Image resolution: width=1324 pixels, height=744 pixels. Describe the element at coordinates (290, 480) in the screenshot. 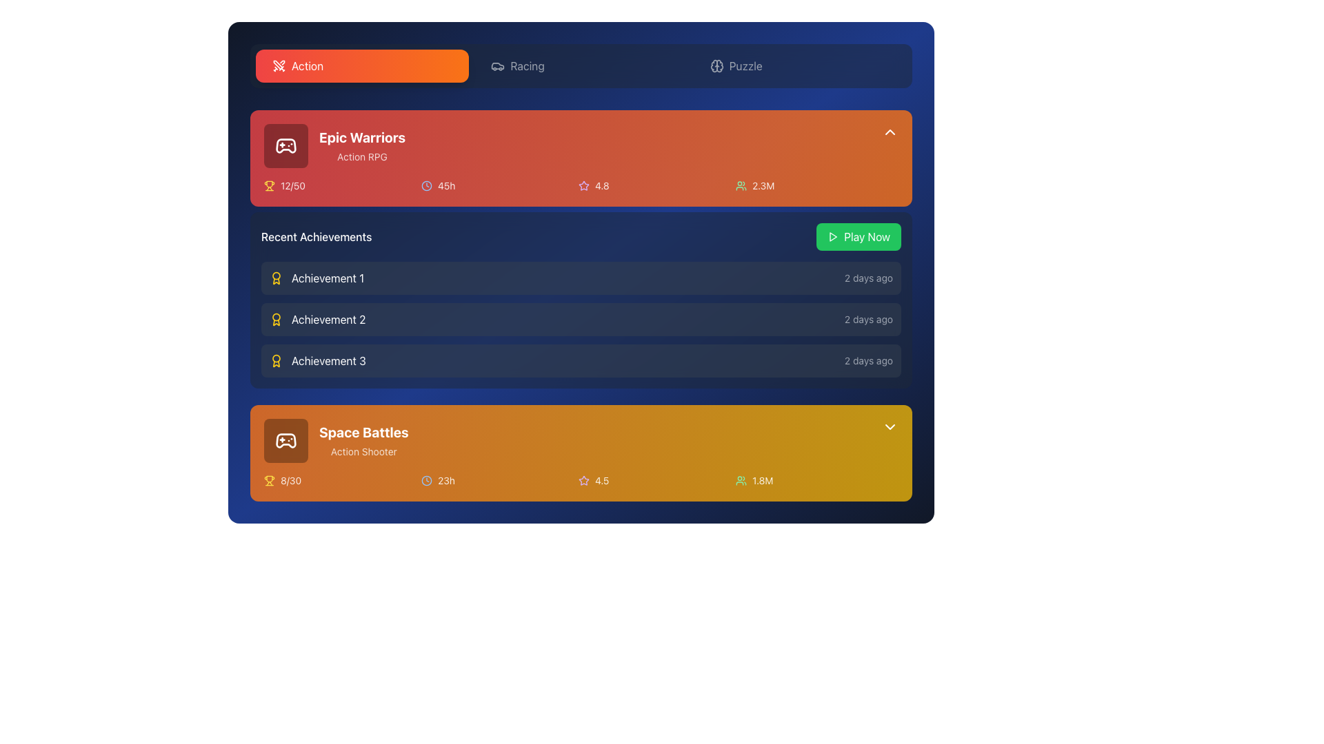

I see `the Text label indicating a numeric ratio in the 'Space Battles' section, located to the right of the trophy icon` at that location.